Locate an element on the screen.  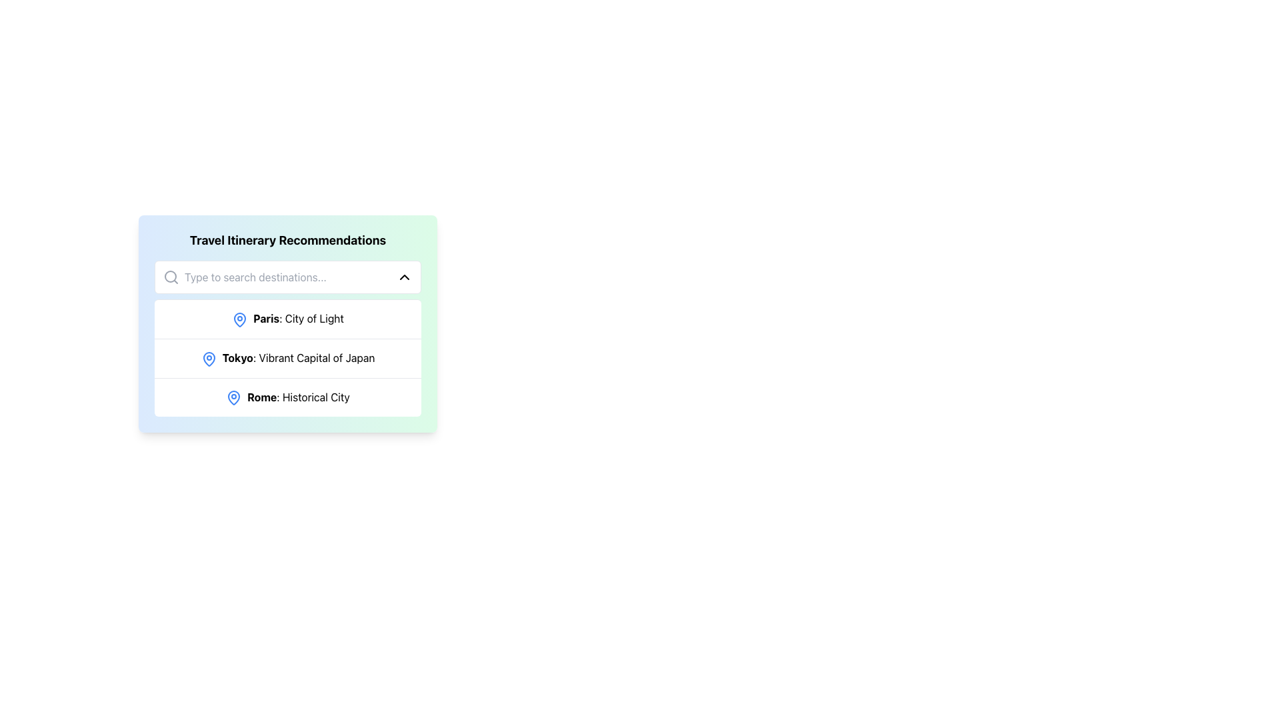
the bold text heading 'Travel Itinerary Recommendations' is located at coordinates (287, 241).